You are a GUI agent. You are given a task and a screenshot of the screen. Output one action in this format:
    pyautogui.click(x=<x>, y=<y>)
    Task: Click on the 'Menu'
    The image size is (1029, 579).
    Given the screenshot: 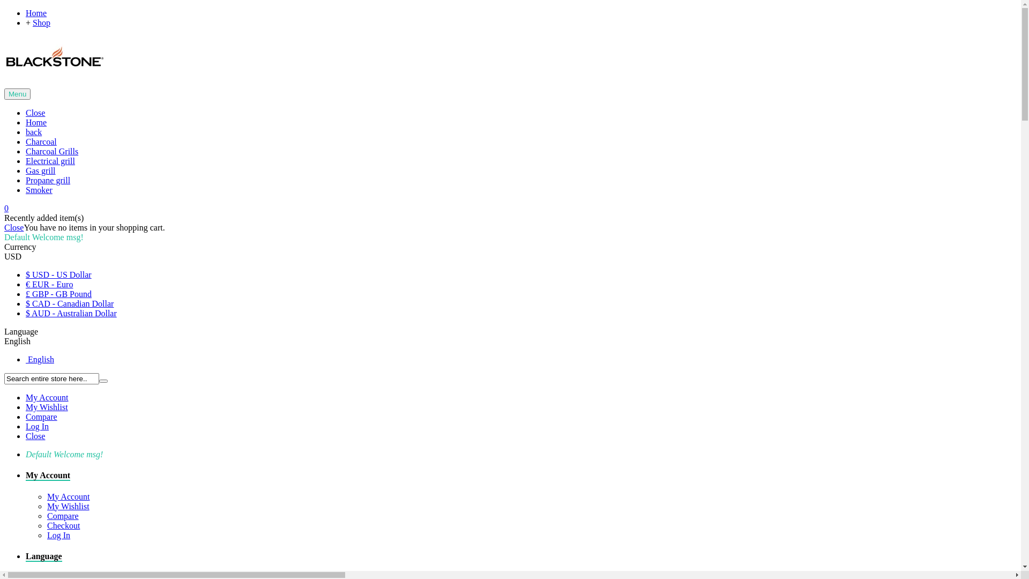 What is the action you would take?
    pyautogui.click(x=17, y=93)
    